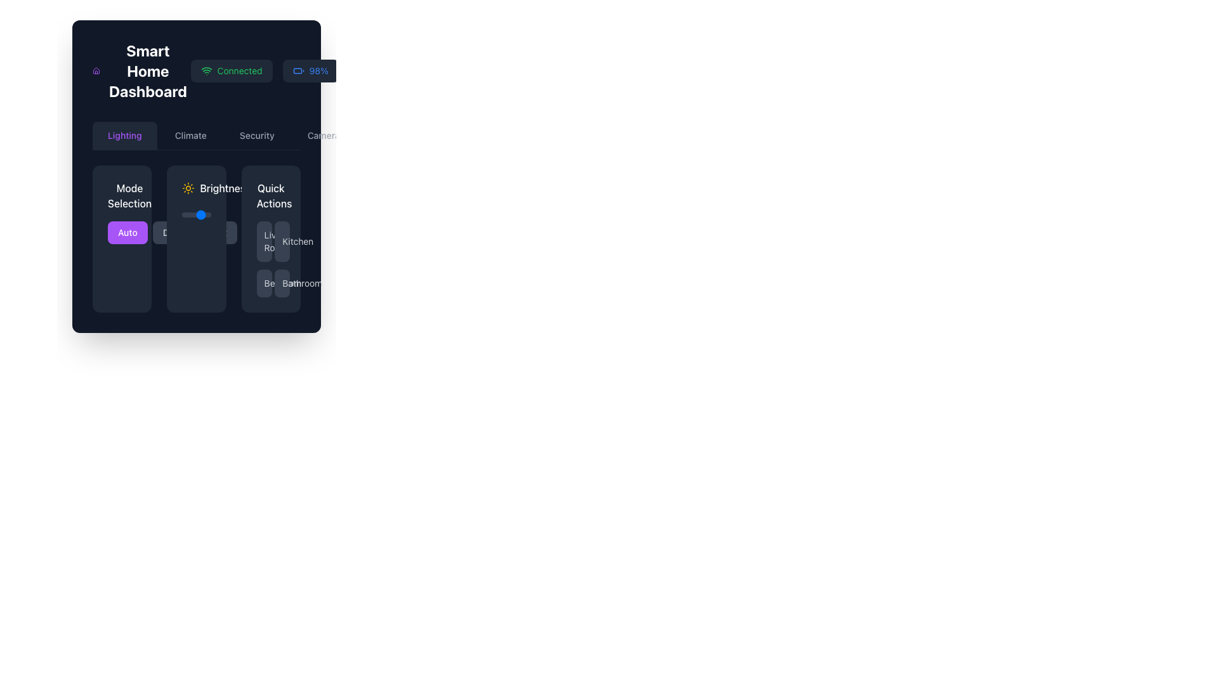  What do you see at coordinates (96, 70) in the screenshot?
I see `the decorative home automation icon located in the title bar to the left of 'Smart Home Dashboard'` at bounding box center [96, 70].